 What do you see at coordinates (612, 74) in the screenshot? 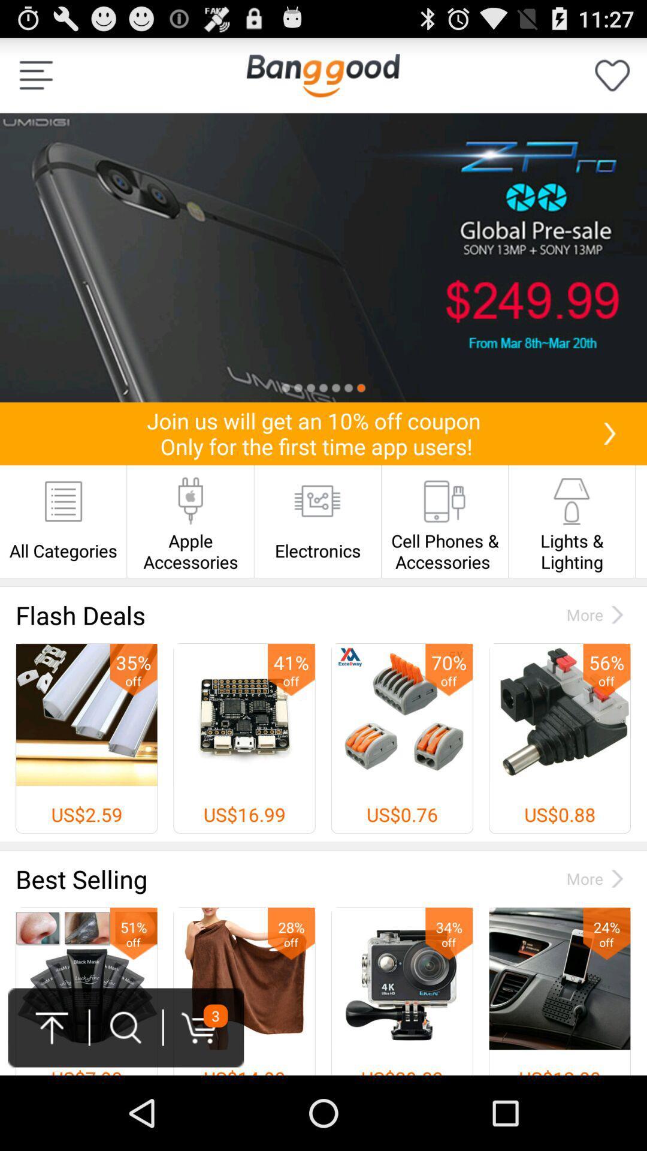
I see `the icon at the top right corner` at bounding box center [612, 74].